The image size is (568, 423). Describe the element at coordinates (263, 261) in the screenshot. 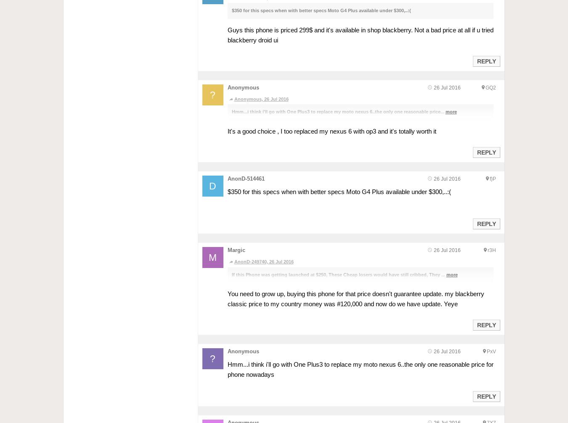

I see `'AnonD-249740, 26 Jul 2016'` at that location.